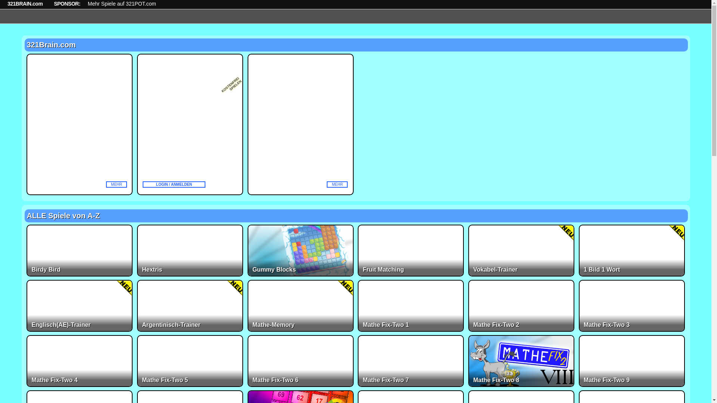  I want to click on 'Hextris', so click(137, 250).